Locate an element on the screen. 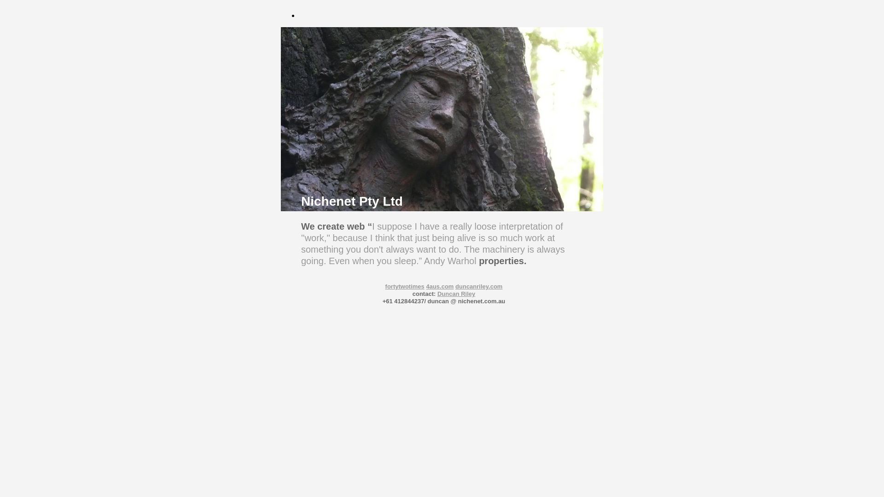  '4aus.com' is located at coordinates (439, 286).